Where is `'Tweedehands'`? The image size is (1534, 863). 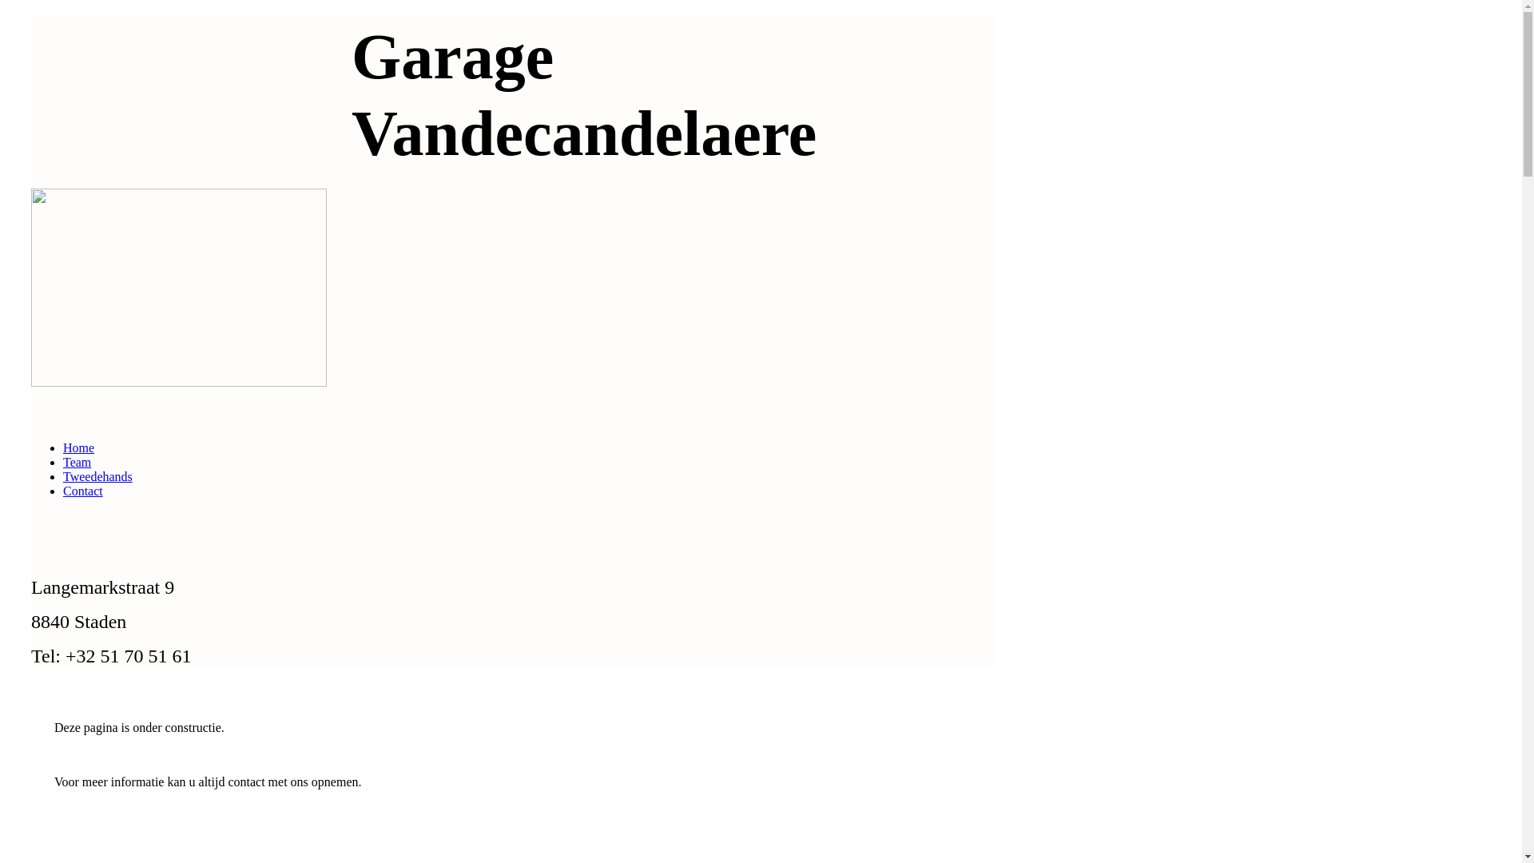
'Tweedehands' is located at coordinates (97, 475).